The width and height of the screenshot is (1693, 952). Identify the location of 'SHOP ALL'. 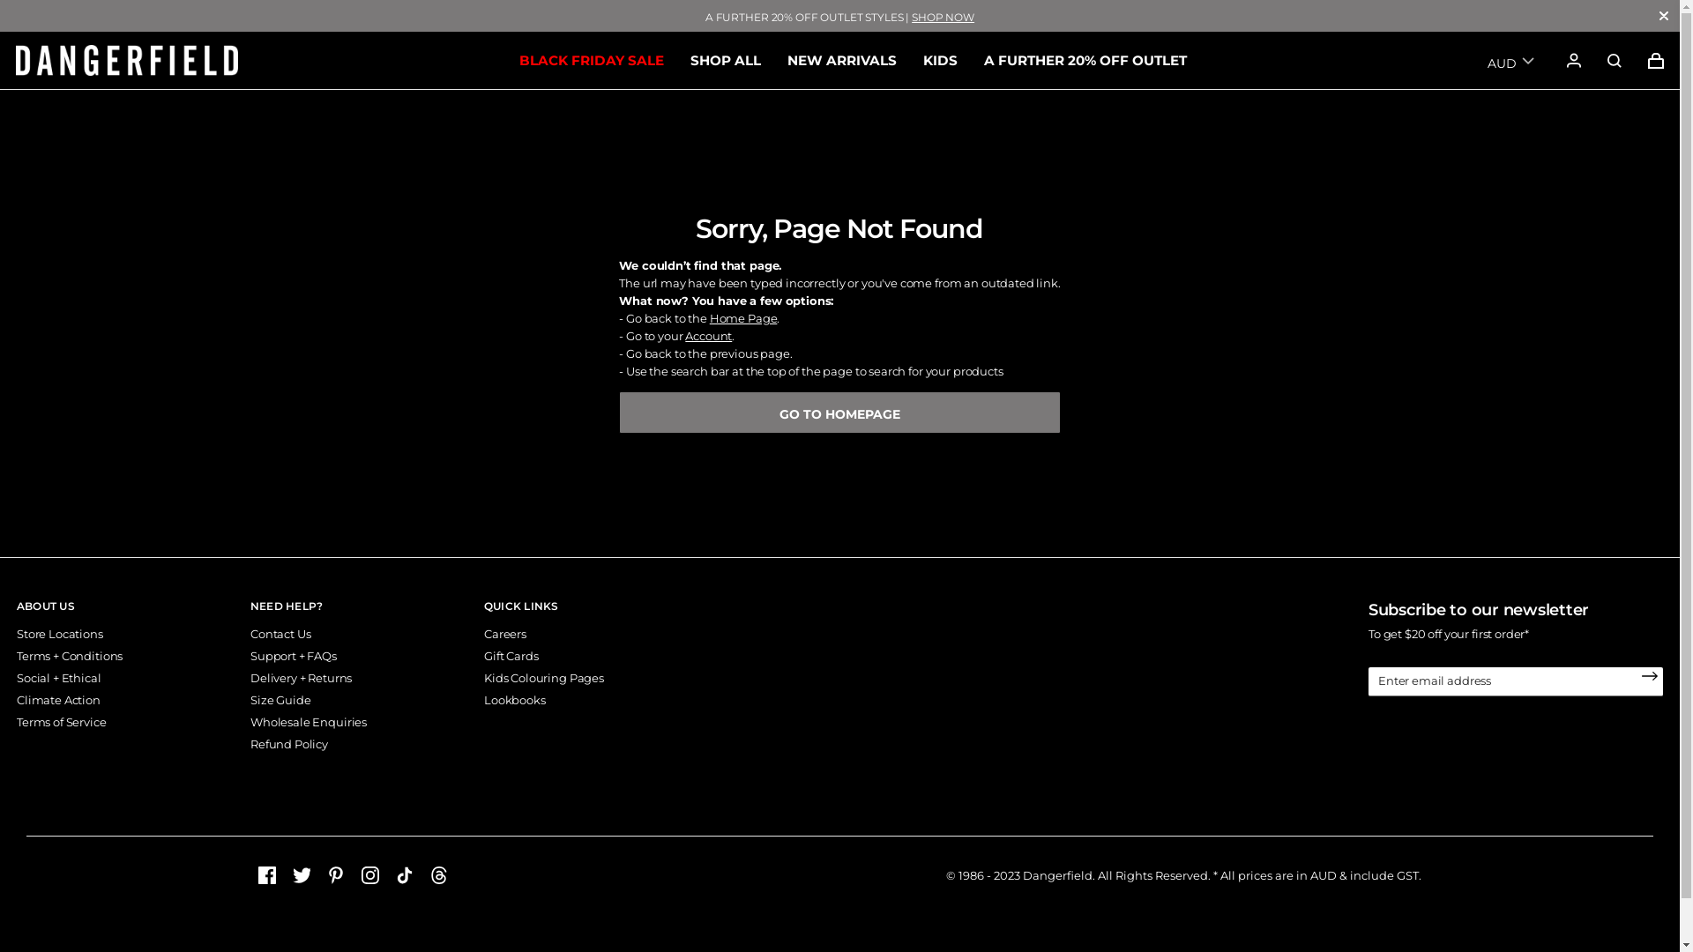
(724, 59).